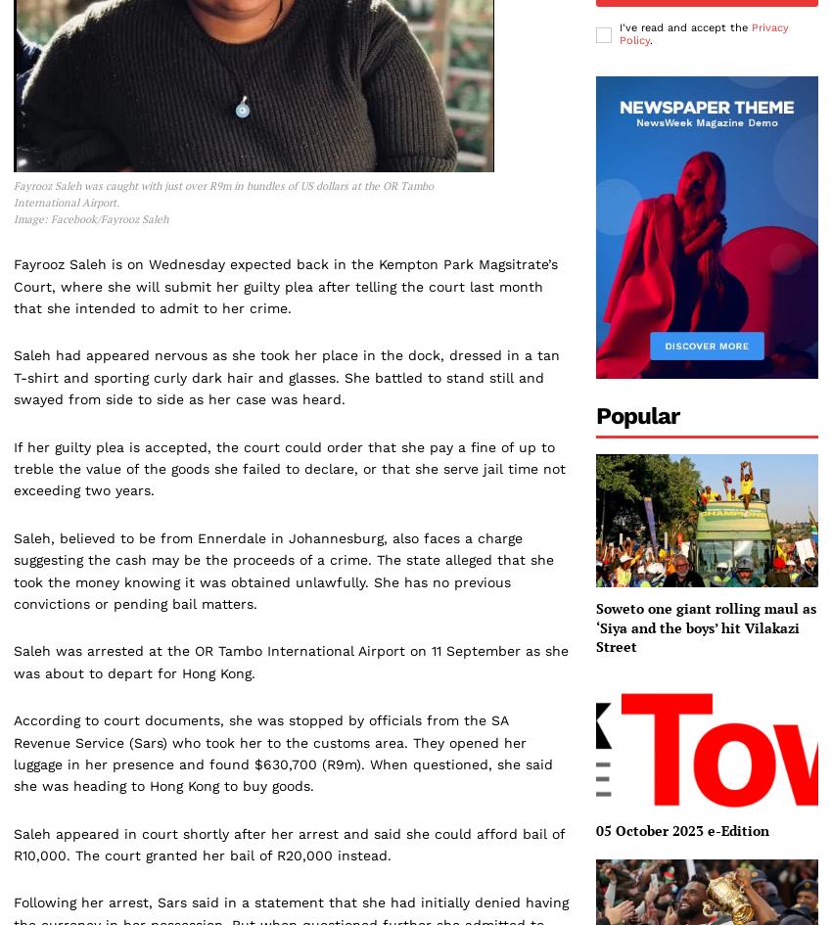 The height and width of the screenshot is (925, 832). Describe the element at coordinates (89, 217) in the screenshot. I see `'Image: Facebook/Fayrooz Saleh'` at that location.